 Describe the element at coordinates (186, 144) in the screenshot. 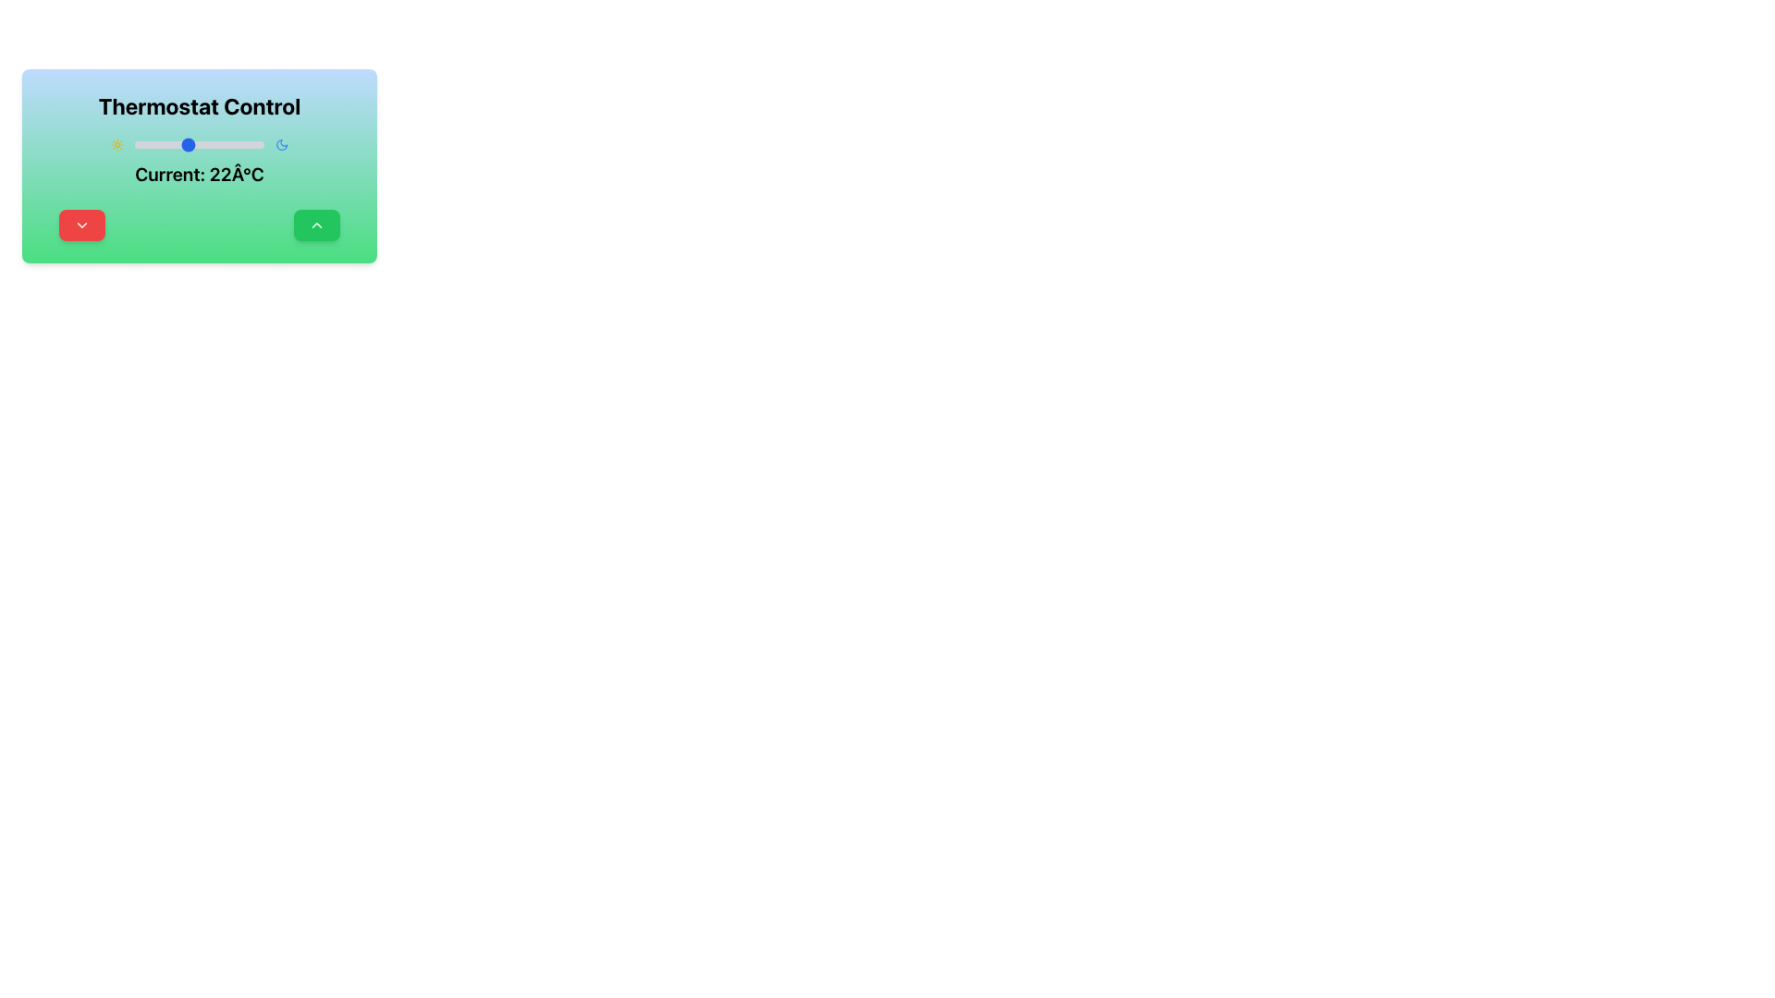

I see `thermostat temperature` at that location.